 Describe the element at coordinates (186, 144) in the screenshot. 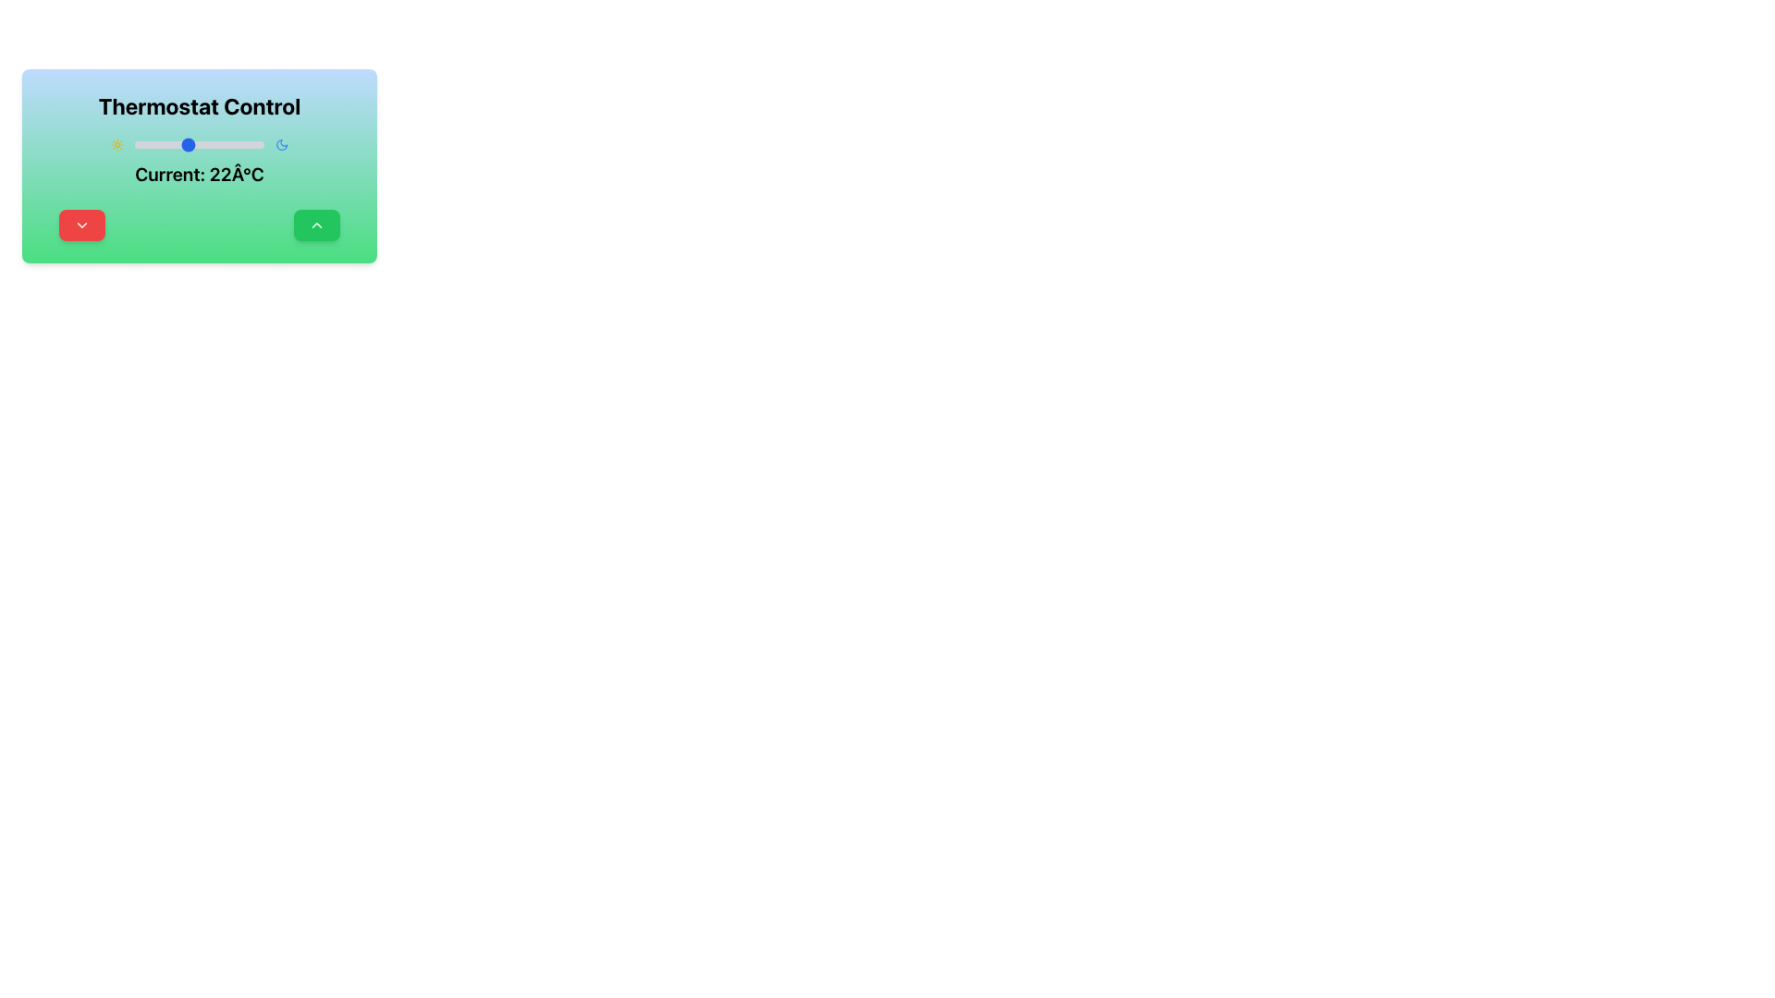

I see `thermostat temperature` at that location.